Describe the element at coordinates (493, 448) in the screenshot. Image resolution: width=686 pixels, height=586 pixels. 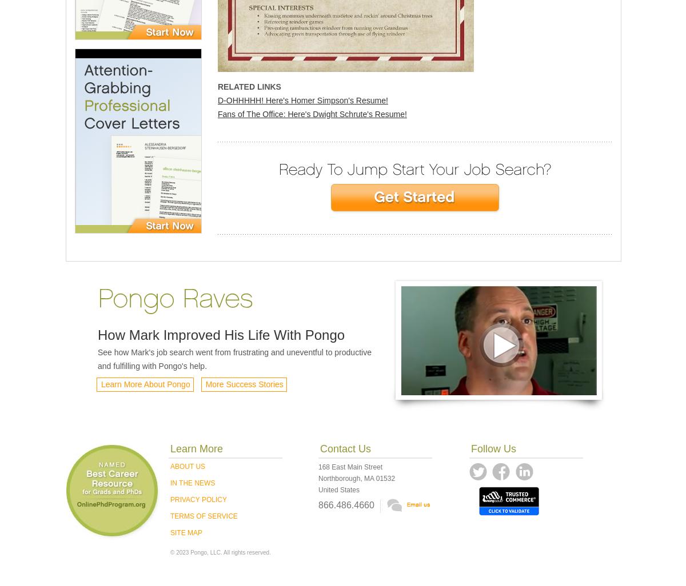
I see `'Follow Us'` at that location.